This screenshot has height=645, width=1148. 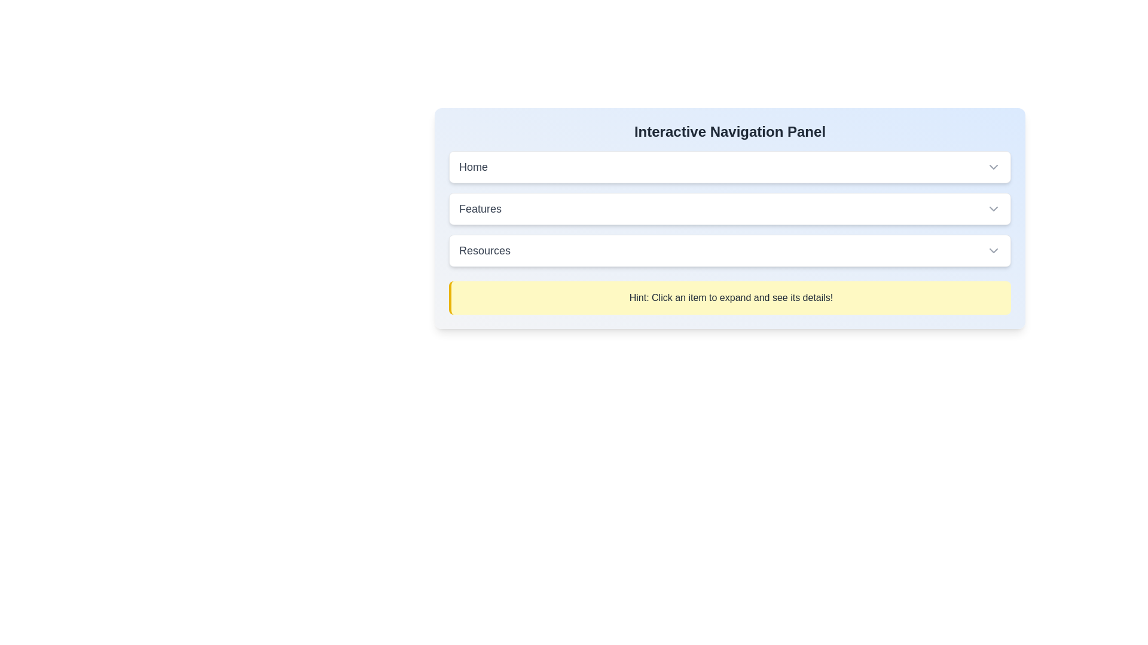 What do you see at coordinates (993, 208) in the screenshot?
I see `the downward arrow icon, which is a gray Dropdown indicator located to the far-right of the 'Features' label within the 'Interactive Navigation Panel'` at bounding box center [993, 208].